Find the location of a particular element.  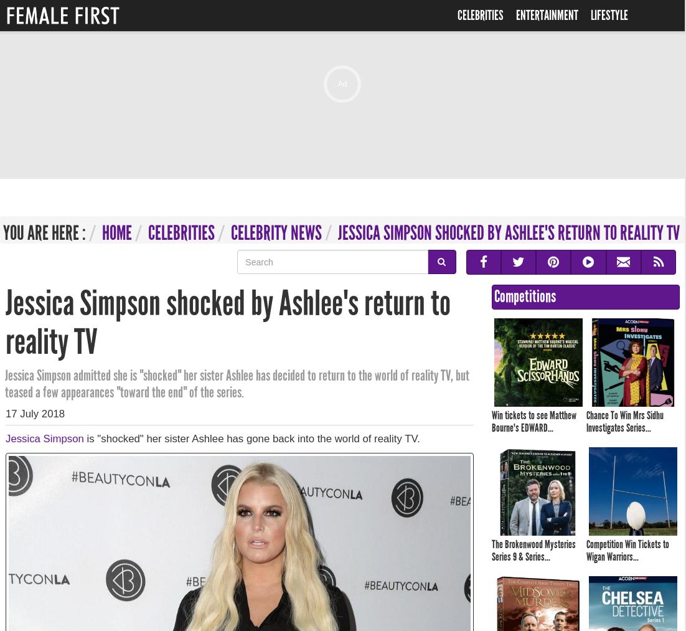

'Ad' is located at coordinates (342, 84).